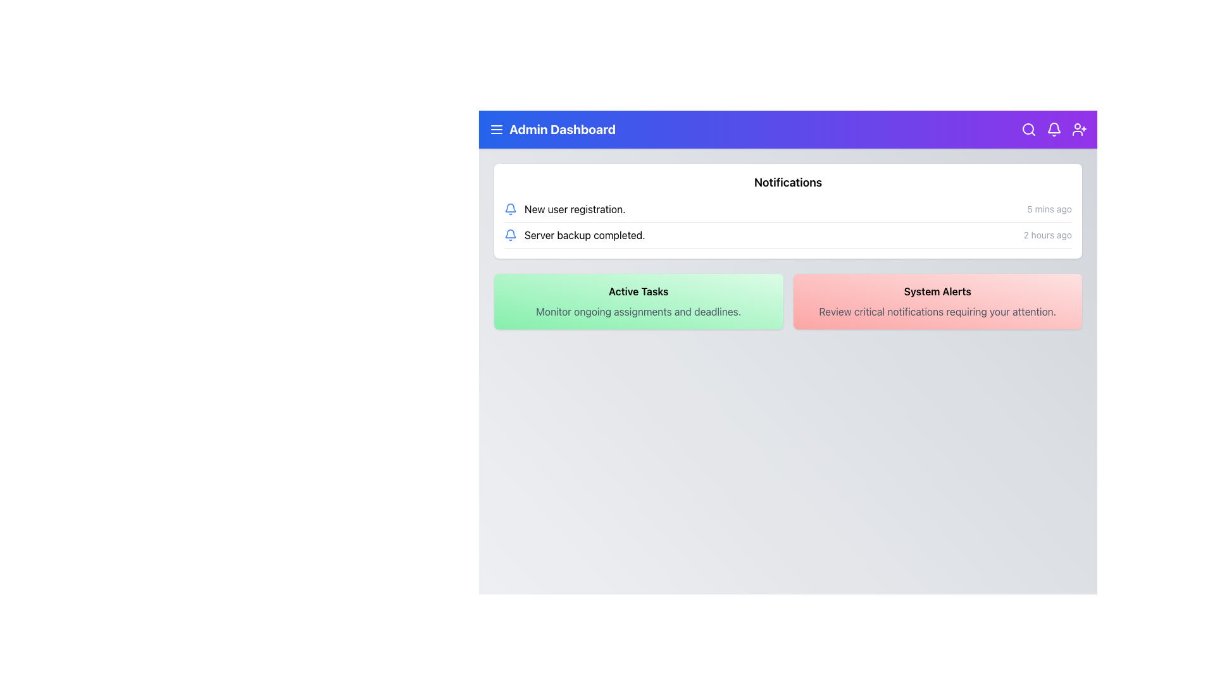 This screenshot has width=1215, height=683. I want to click on static text displaying 'Monitor ongoing assignments and deadlines.' located below the title 'Active Tasks' within a green-shaded box, so click(639, 312).